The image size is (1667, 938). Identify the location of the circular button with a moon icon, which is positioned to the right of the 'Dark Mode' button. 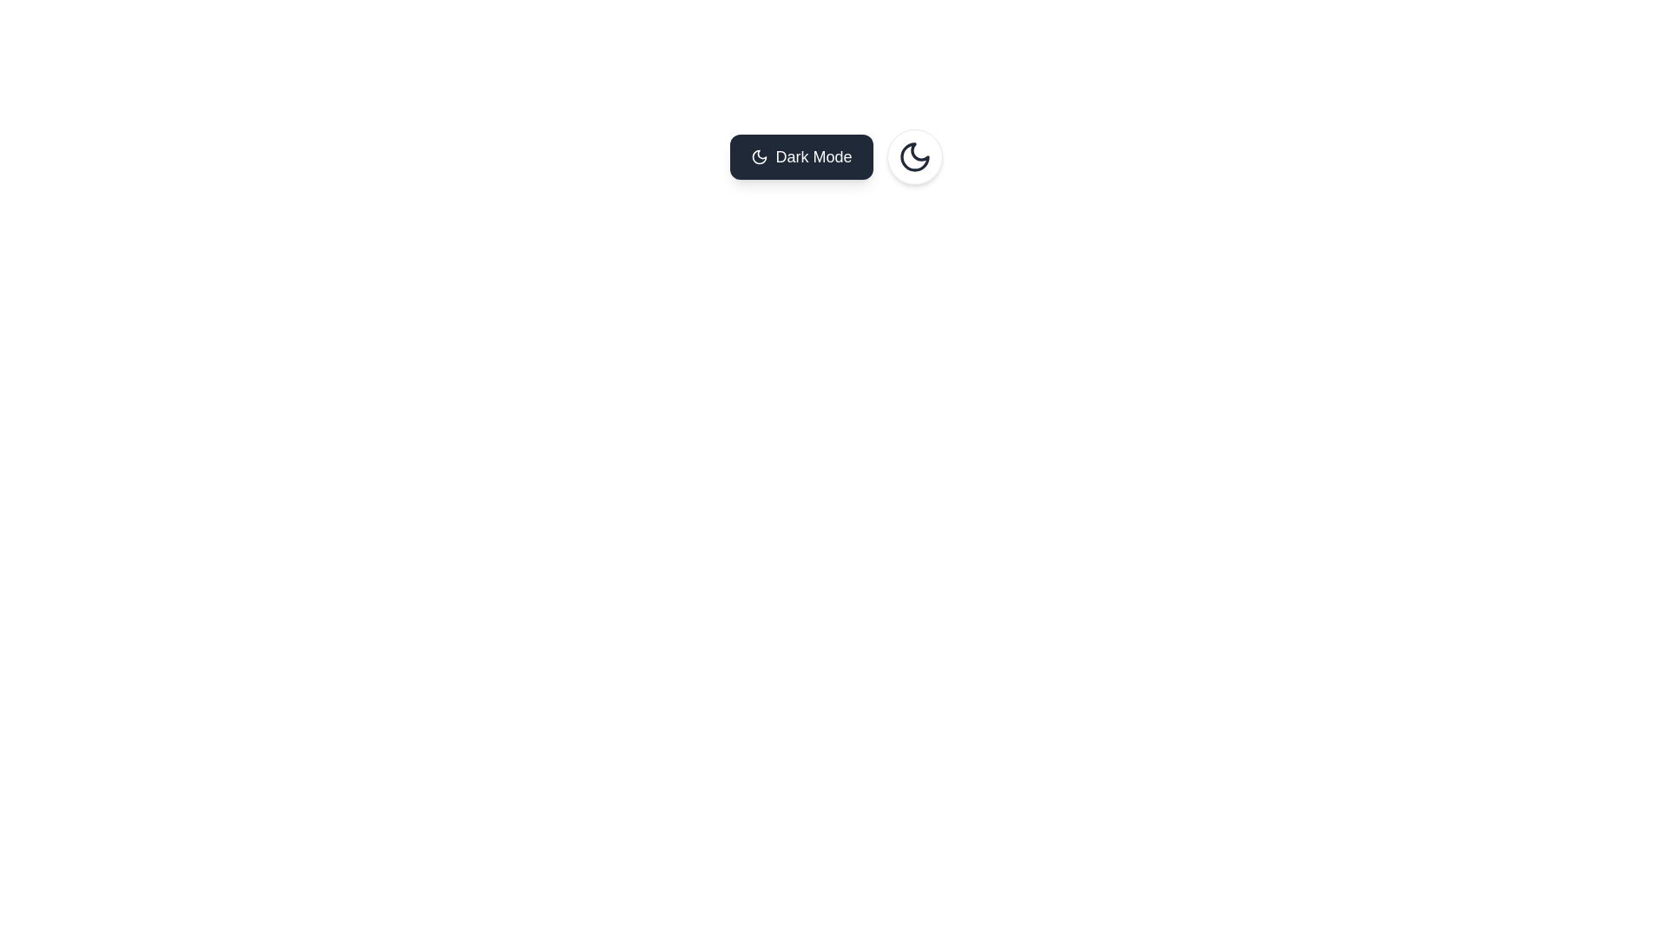
(913, 157).